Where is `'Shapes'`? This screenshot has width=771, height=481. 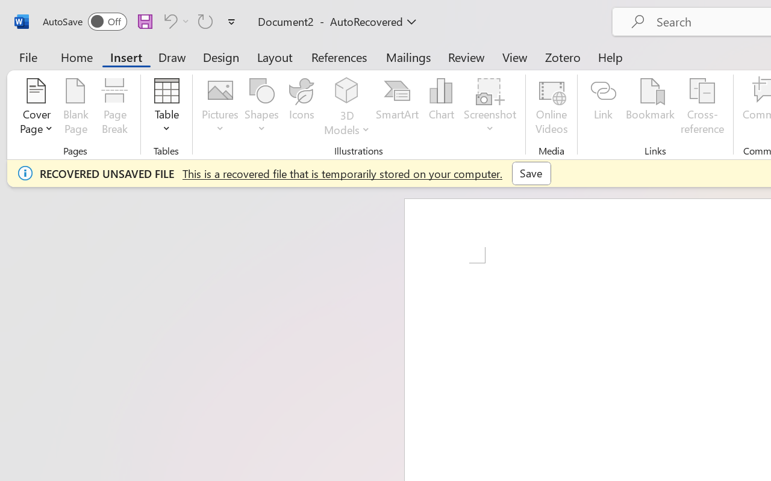
'Shapes' is located at coordinates (261, 108).